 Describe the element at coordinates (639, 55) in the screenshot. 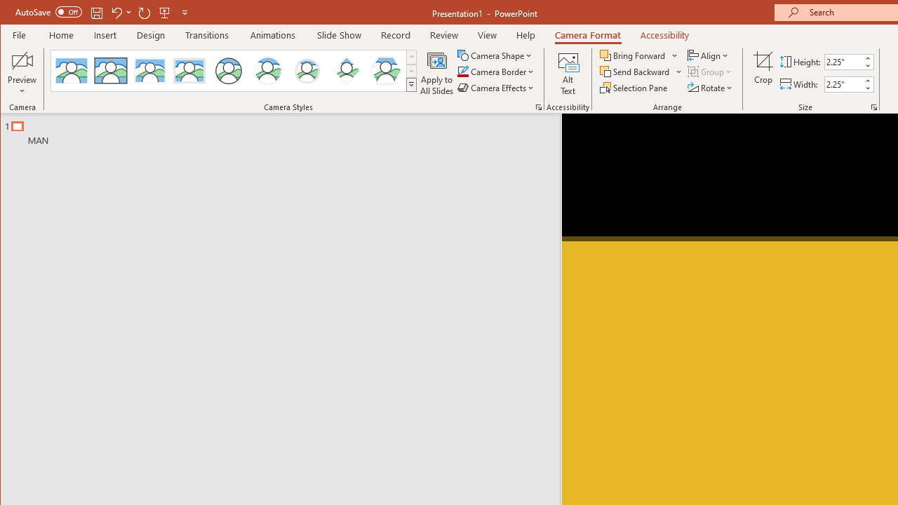

I see `'Bring Forward'` at that location.